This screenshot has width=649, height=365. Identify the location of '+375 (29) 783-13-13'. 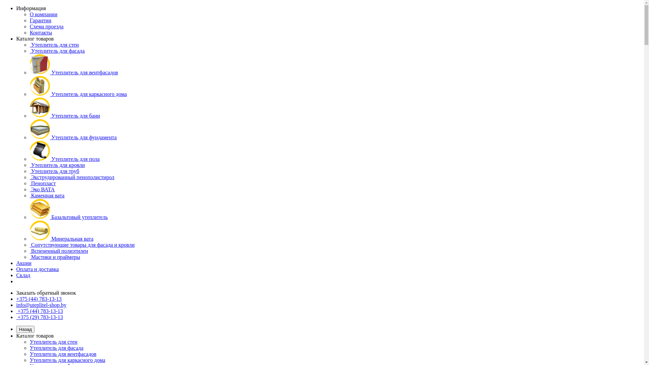
(16, 317).